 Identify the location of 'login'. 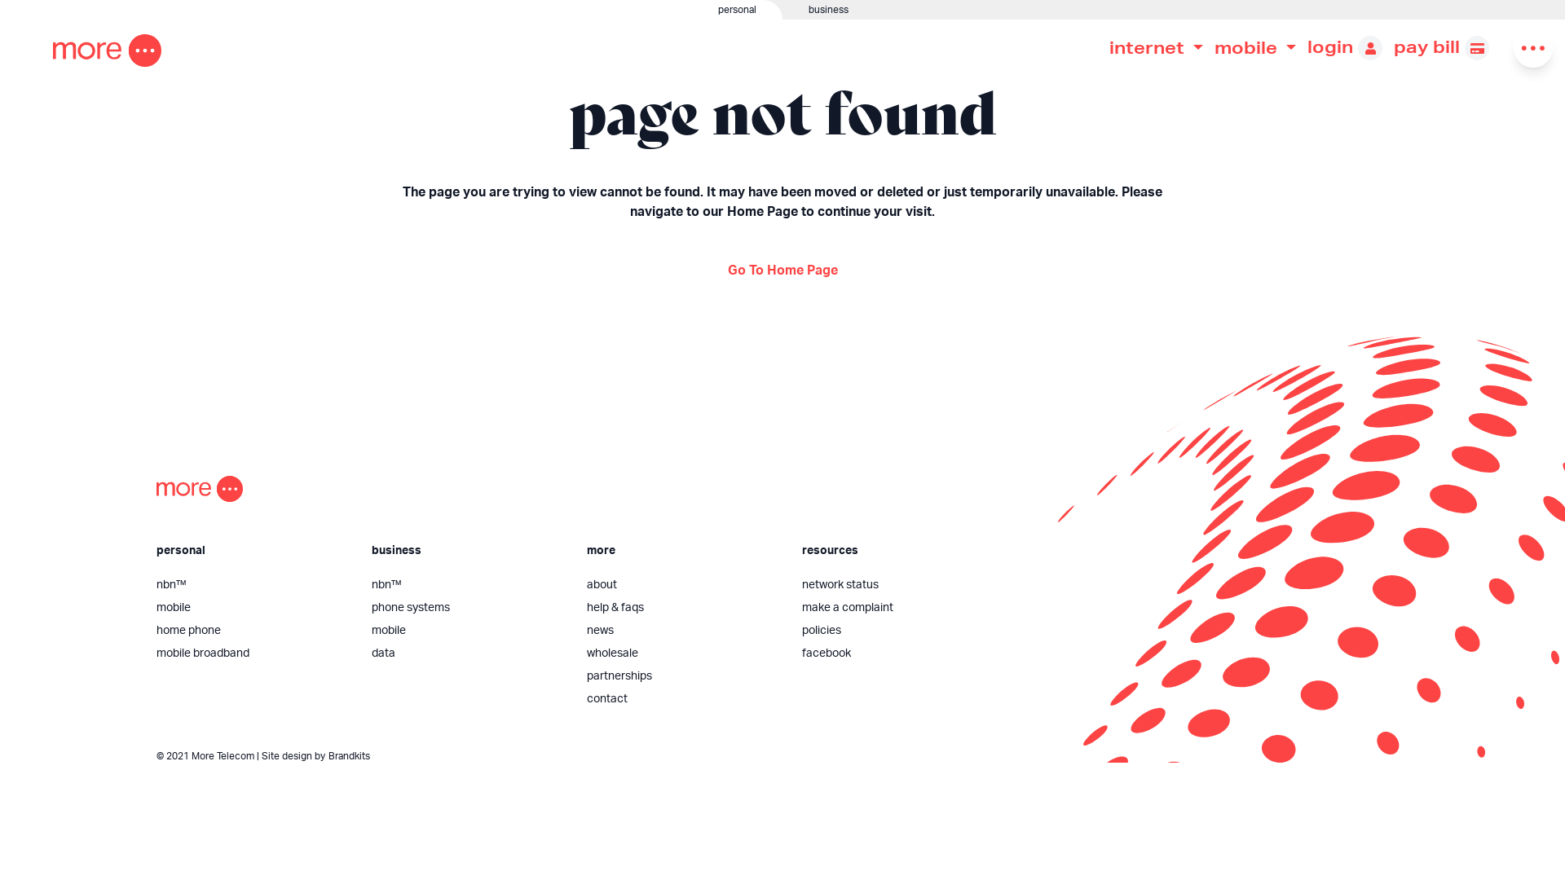
(1345, 46).